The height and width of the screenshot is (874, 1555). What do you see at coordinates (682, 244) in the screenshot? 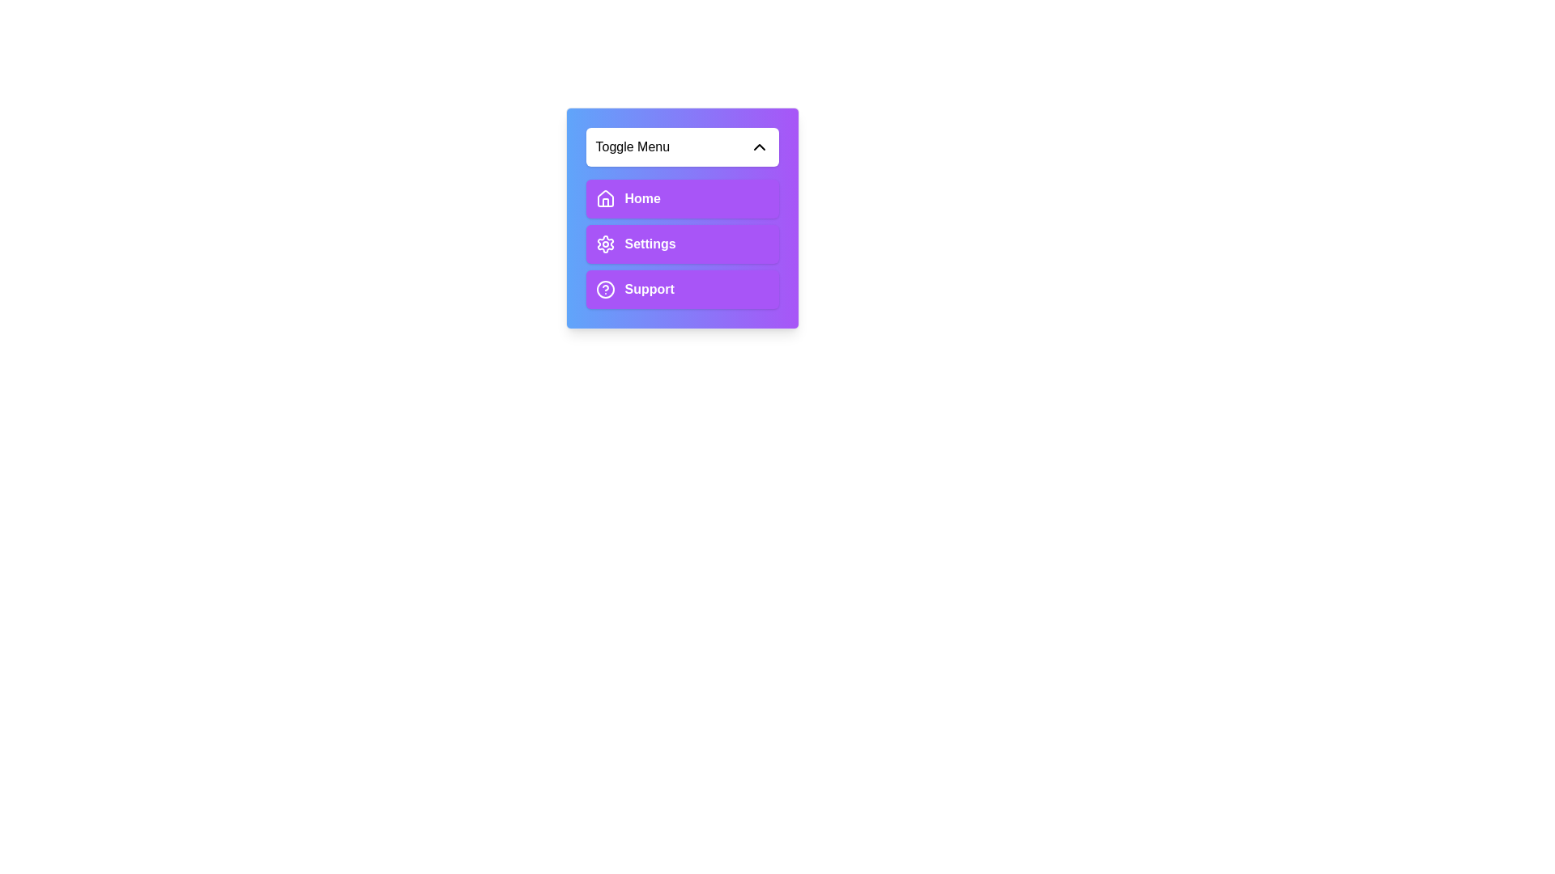
I see `the 'Settings' section of the Dropdown menu, which is the second stacked button within the purple gradient card titled 'Toggle Menu'` at bounding box center [682, 244].